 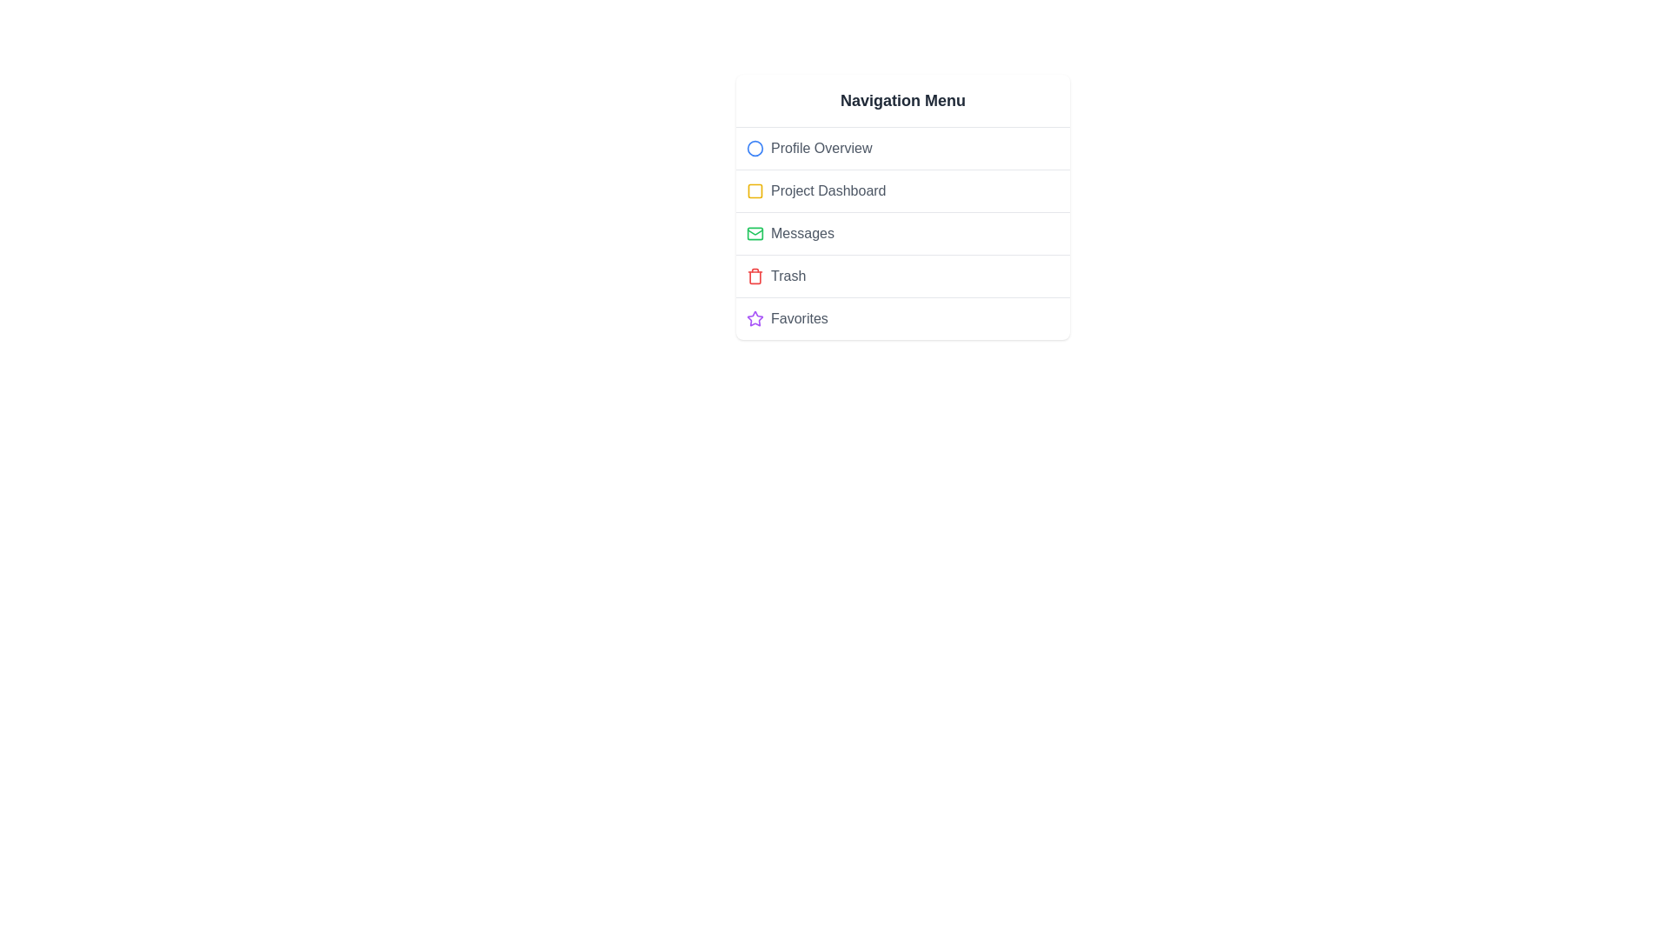 What do you see at coordinates (902, 147) in the screenshot?
I see `the menu item Profile Overview to view its hover effect` at bounding box center [902, 147].